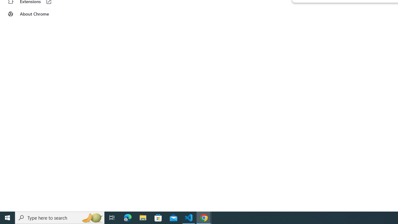  What do you see at coordinates (38, 14) in the screenshot?
I see `'About Chrome'` at bounding box center [38, 14].